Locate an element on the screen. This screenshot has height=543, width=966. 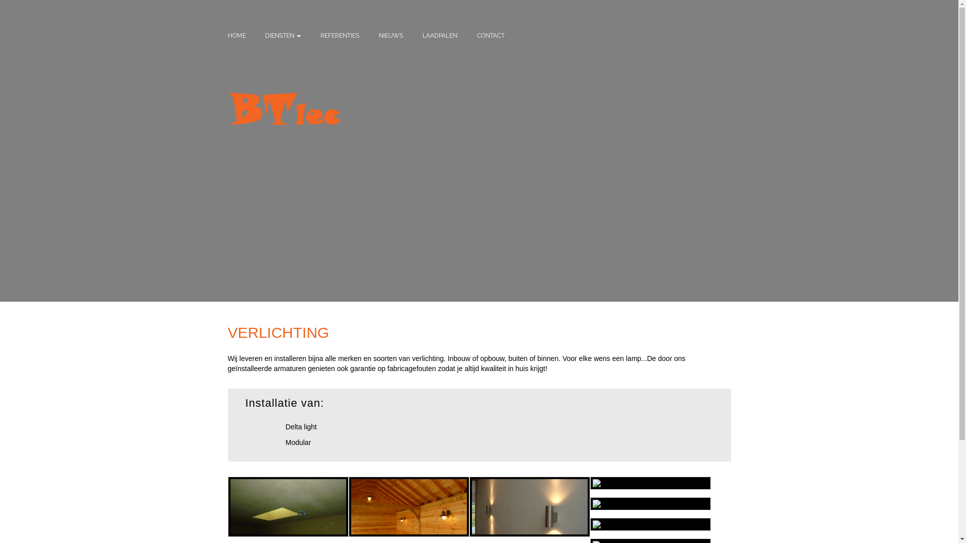
'Modular' is located at coordinates (284, 441).